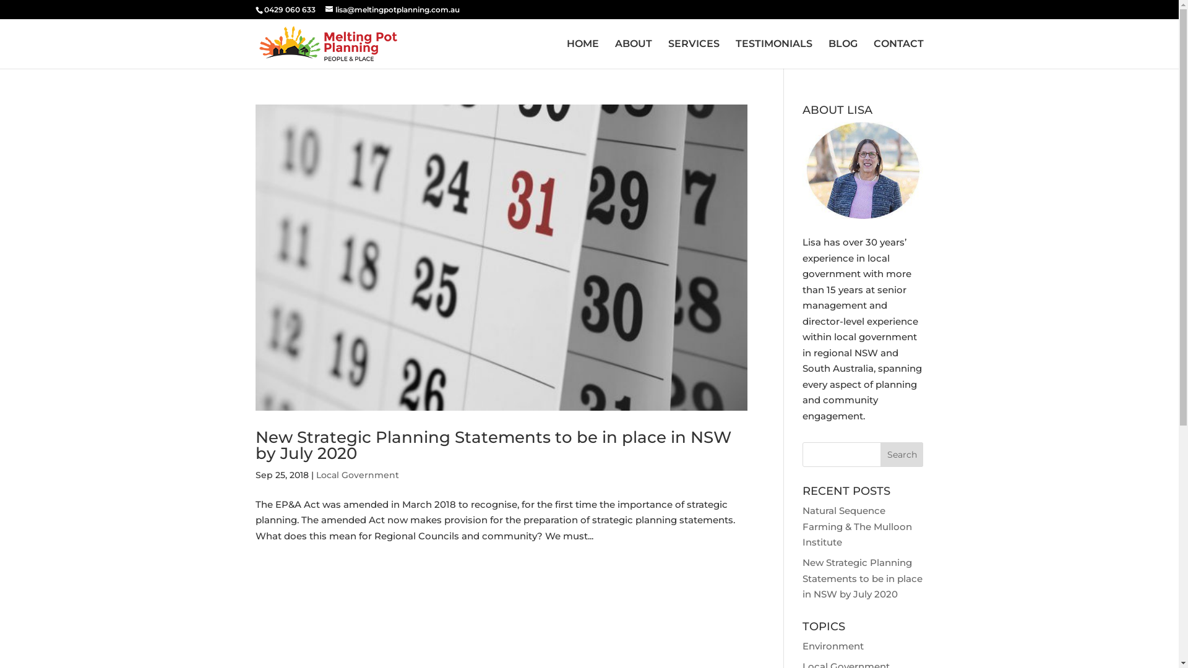 Image resolution: width=1188 pixels, height=668 pixels. What do you see at coordinates (356, 474) in the screenshot?
I see `'Local Government'` at bounding box center [356, 474].